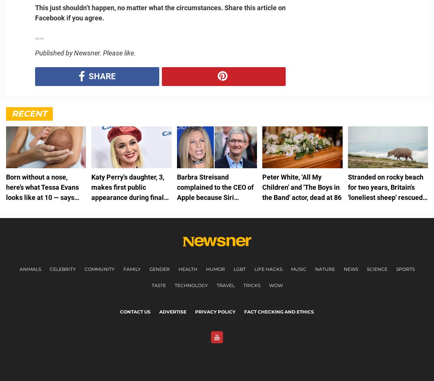 The image size is (434, 381). I want to click on 'Family', so click(123, 269).